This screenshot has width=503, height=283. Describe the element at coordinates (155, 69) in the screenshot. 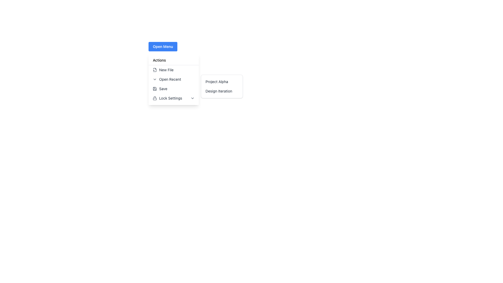

I see `the document icon that represents the 'New File' option in the Actions menu, which is a minimalistic gray outlined rectangle with a folded corner` at that location.